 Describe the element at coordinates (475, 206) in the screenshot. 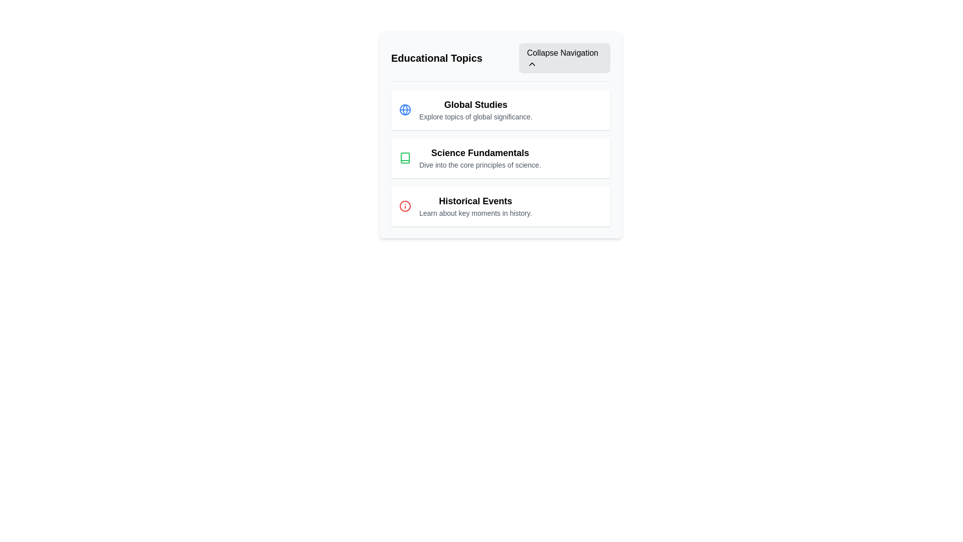

I see `the text block titled 'Historical Events' which contains the subtext 'Learn about key moments in history.'` at that location.